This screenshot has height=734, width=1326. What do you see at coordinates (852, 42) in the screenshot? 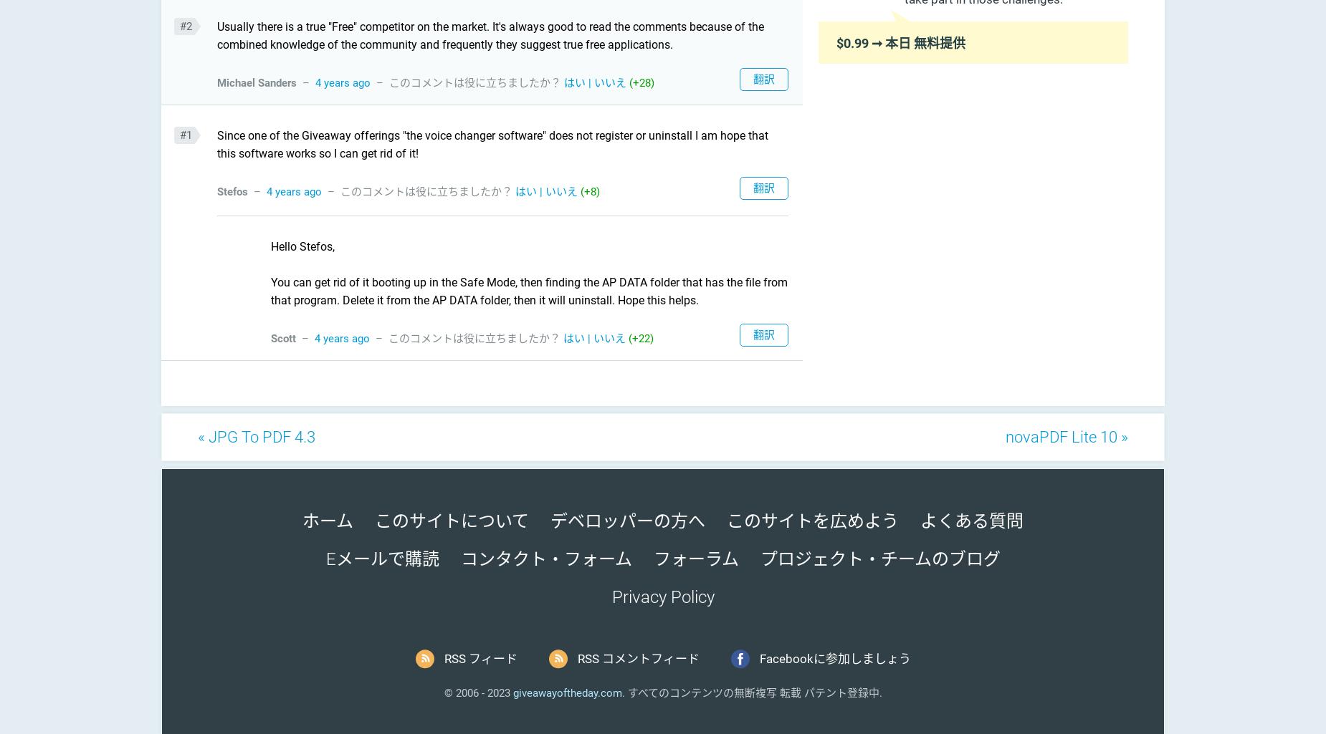
I see `'$0.99'` at bounding box center [852, 42].